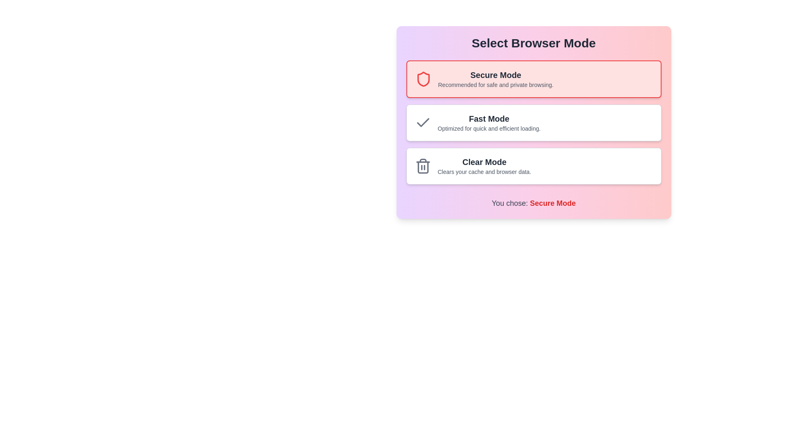 The image size is (785, 441). I want to click on the 'Secure Mode' icon located to the left of the text description to observe the tooltip if present, so click(423, 79).